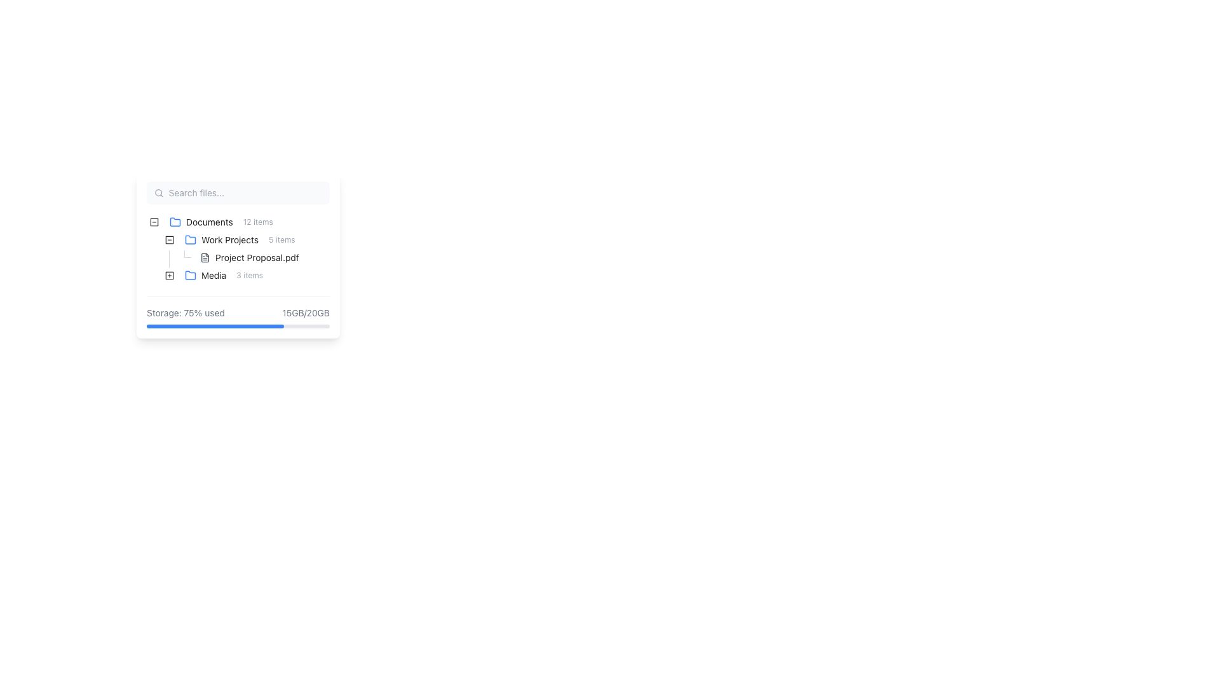 The image size is (1220, 686). Describe the element at coordinates (207, 275) in the screenshot. I see `the 'Media' folder icon in the hierarchical tree structure` at that location.